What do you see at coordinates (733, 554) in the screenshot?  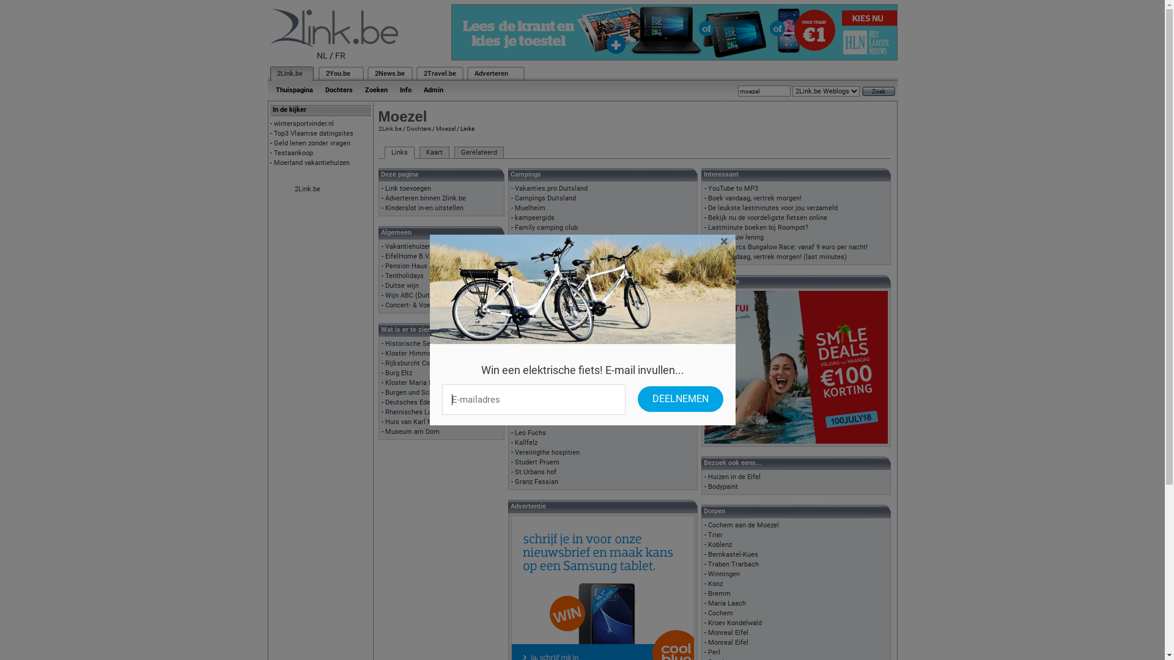 I see `'Bernkastel-Kues'` at bounding box center [733, 554].